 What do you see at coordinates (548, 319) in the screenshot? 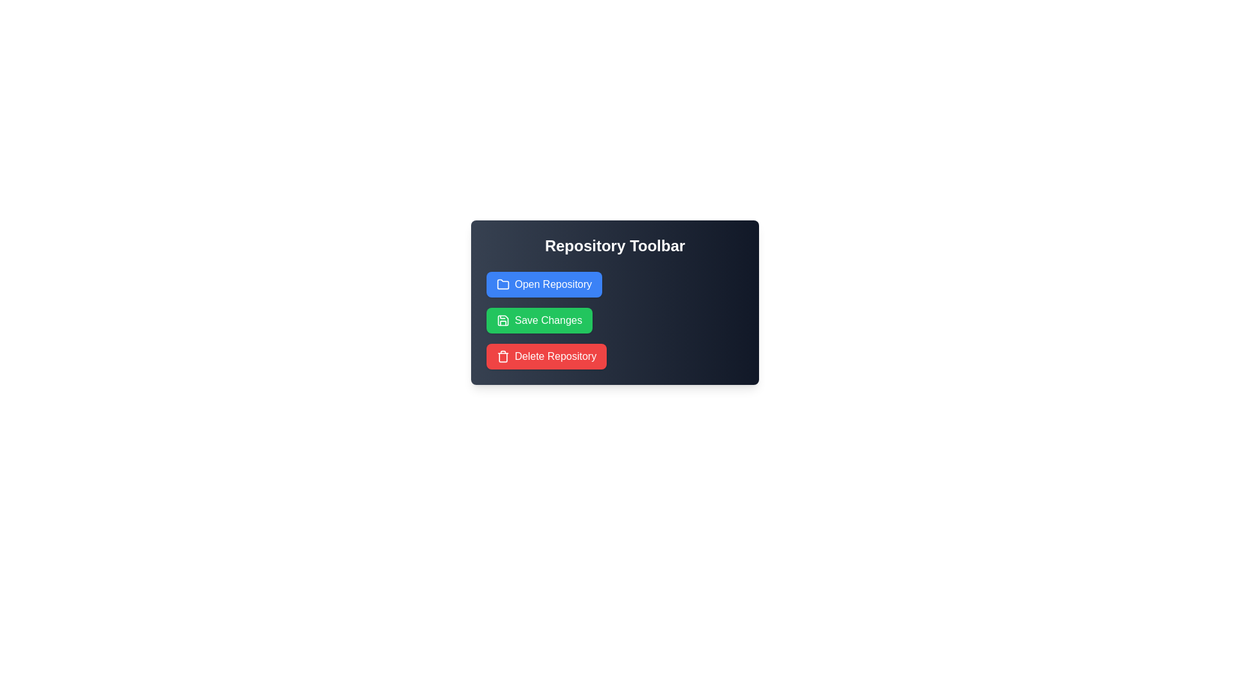
I see `the confirm and save button located beneath the blue 'Open Repository' button and above the red 'Delete Repository' button` at bounding box center [548, 319].